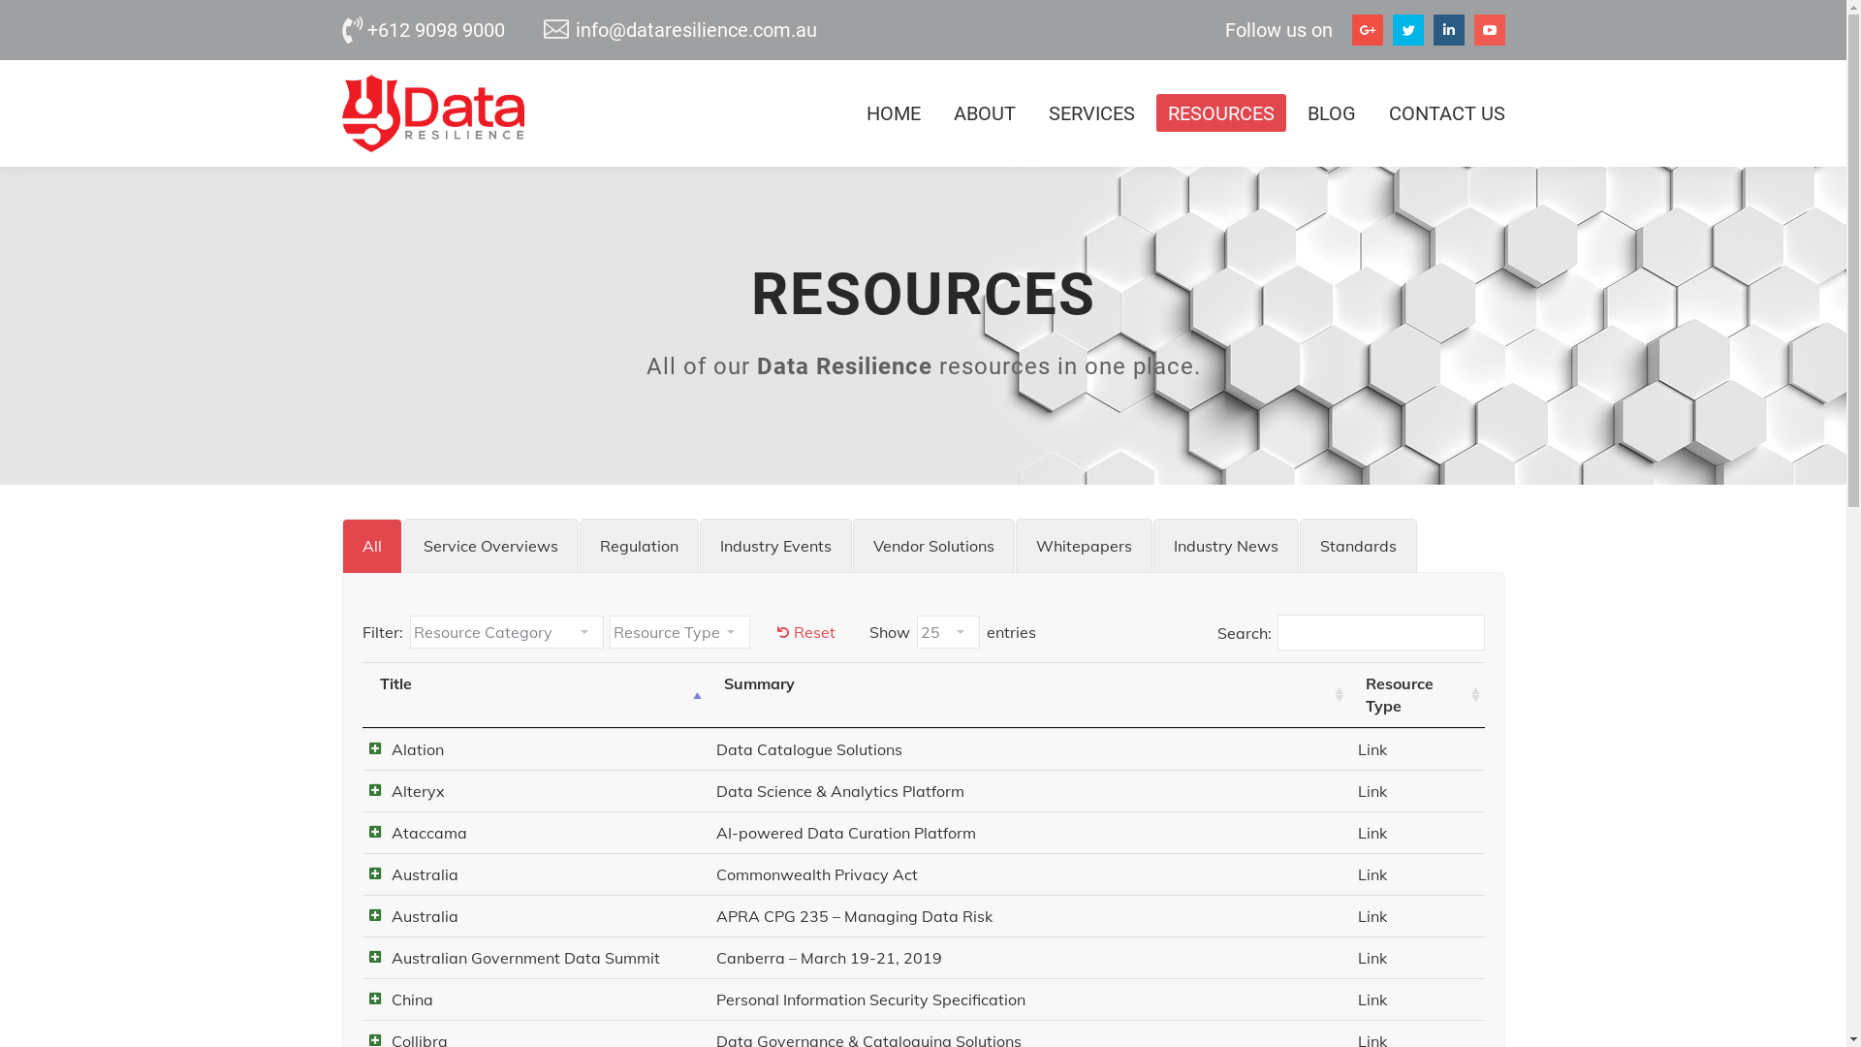 The height and width of the screenshot is (1047, 1861). Describe the element at coordinates (1488, 29) in the screenshot. I see `'YouTube'` at that location.